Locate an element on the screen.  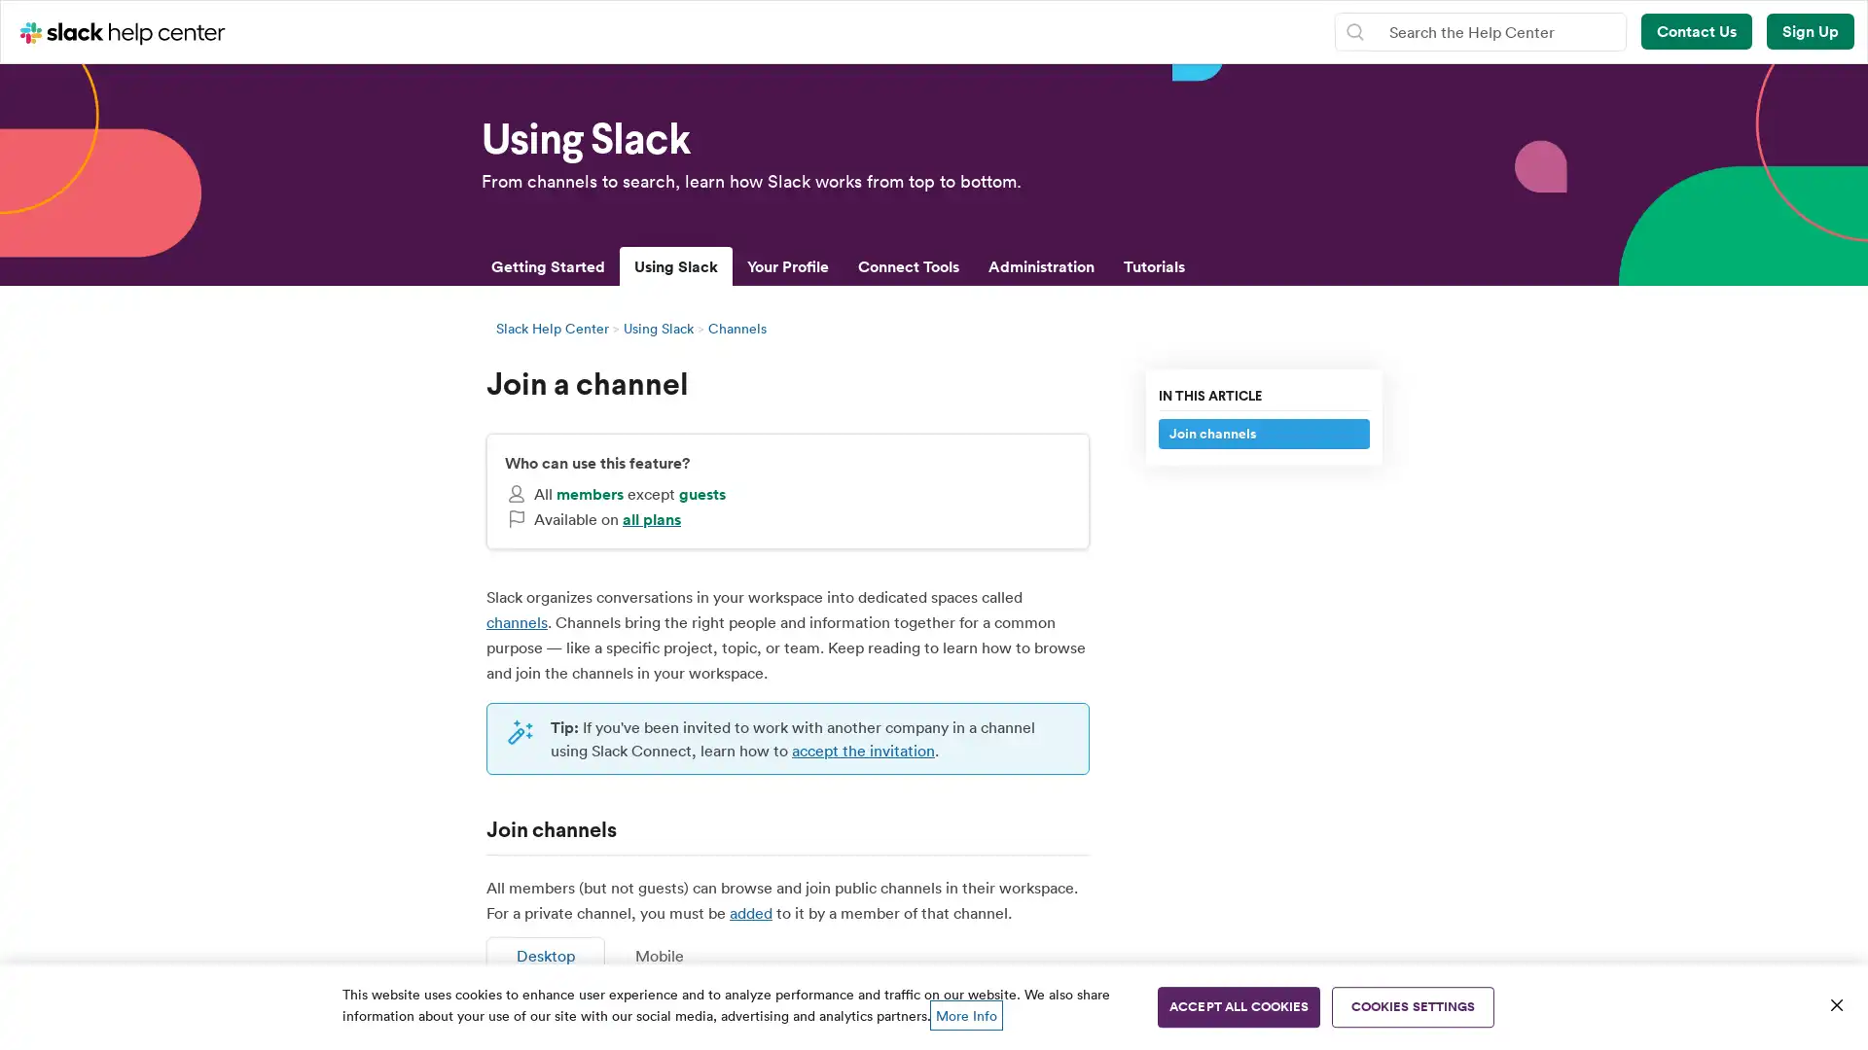
ACCEPT ALL COOKIES is located at coordinates (1238, 1006).